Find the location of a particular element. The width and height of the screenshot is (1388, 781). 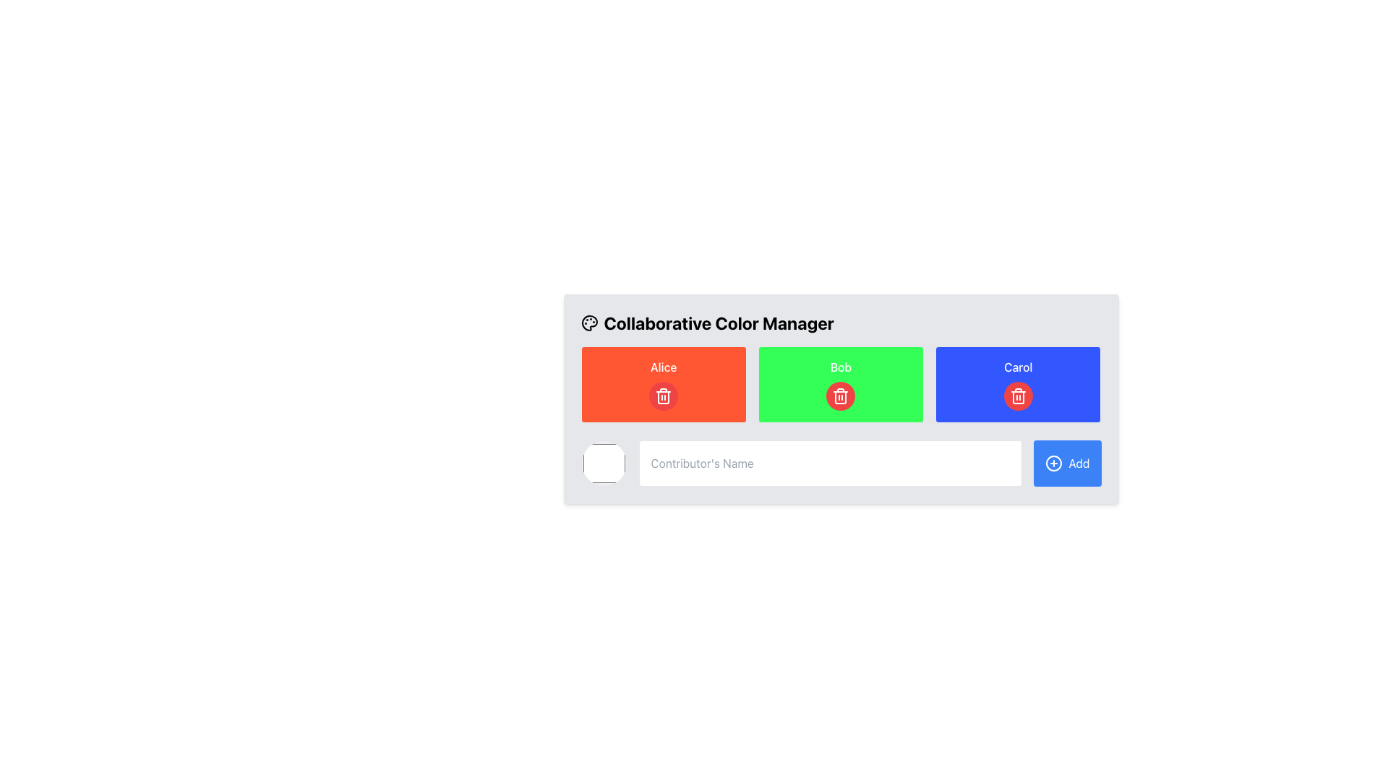

the circular icon with a white 'plus' symbol within a white ring, located in the blue rectangle labeled 'Add' at the bottom right of the interface is located at coordinates (1054, 463).